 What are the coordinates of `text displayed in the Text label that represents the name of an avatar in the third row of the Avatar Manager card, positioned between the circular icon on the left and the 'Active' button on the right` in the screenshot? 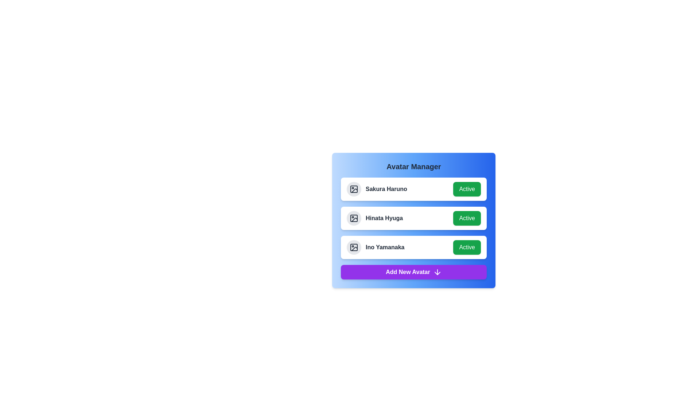 It's located at (385, 247).